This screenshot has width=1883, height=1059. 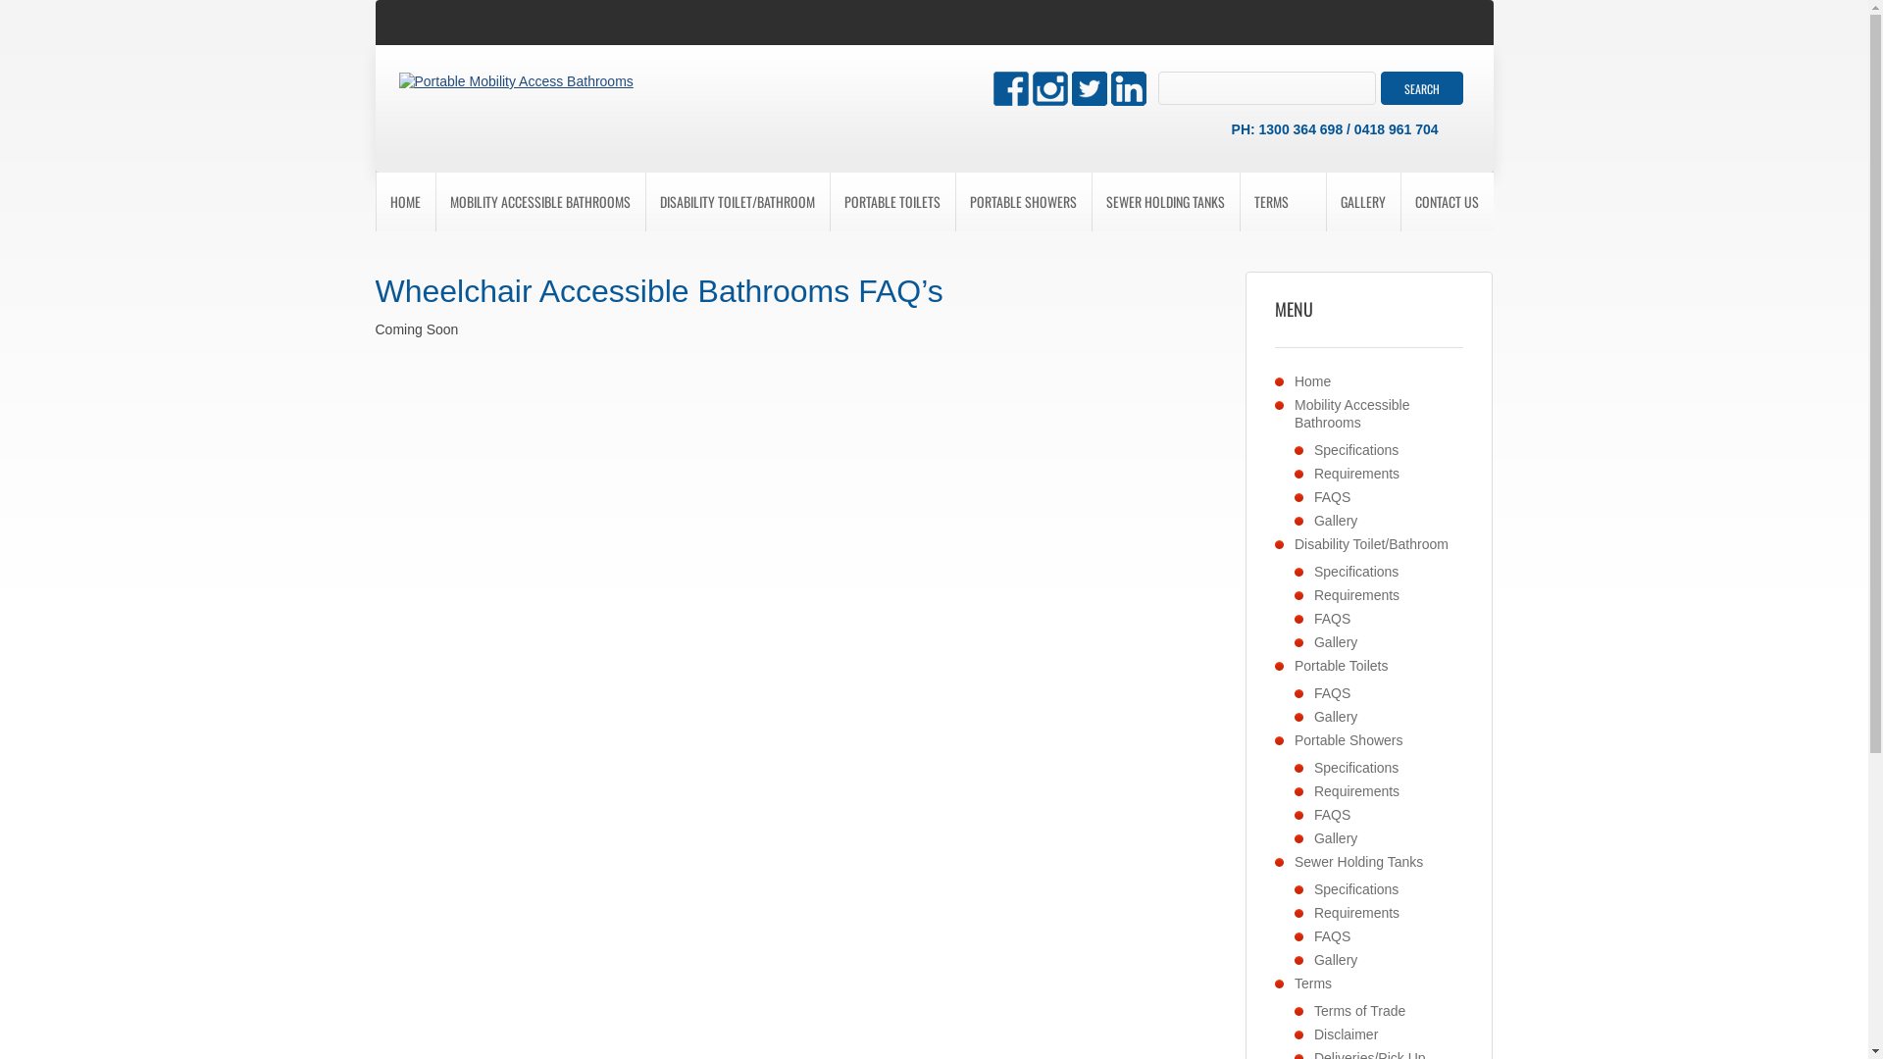 I want to click on 'Terms of Trade', so click(x=1313, y=1010).